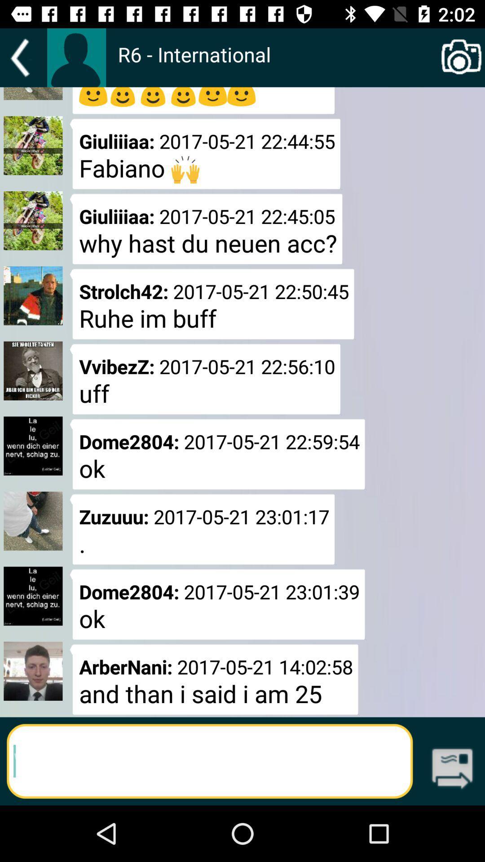 The image size is (485, 862). Describe the element at coordinates (205, 379) in the screenshot. I see `the item above dome2804 2017 05 item` at that location.